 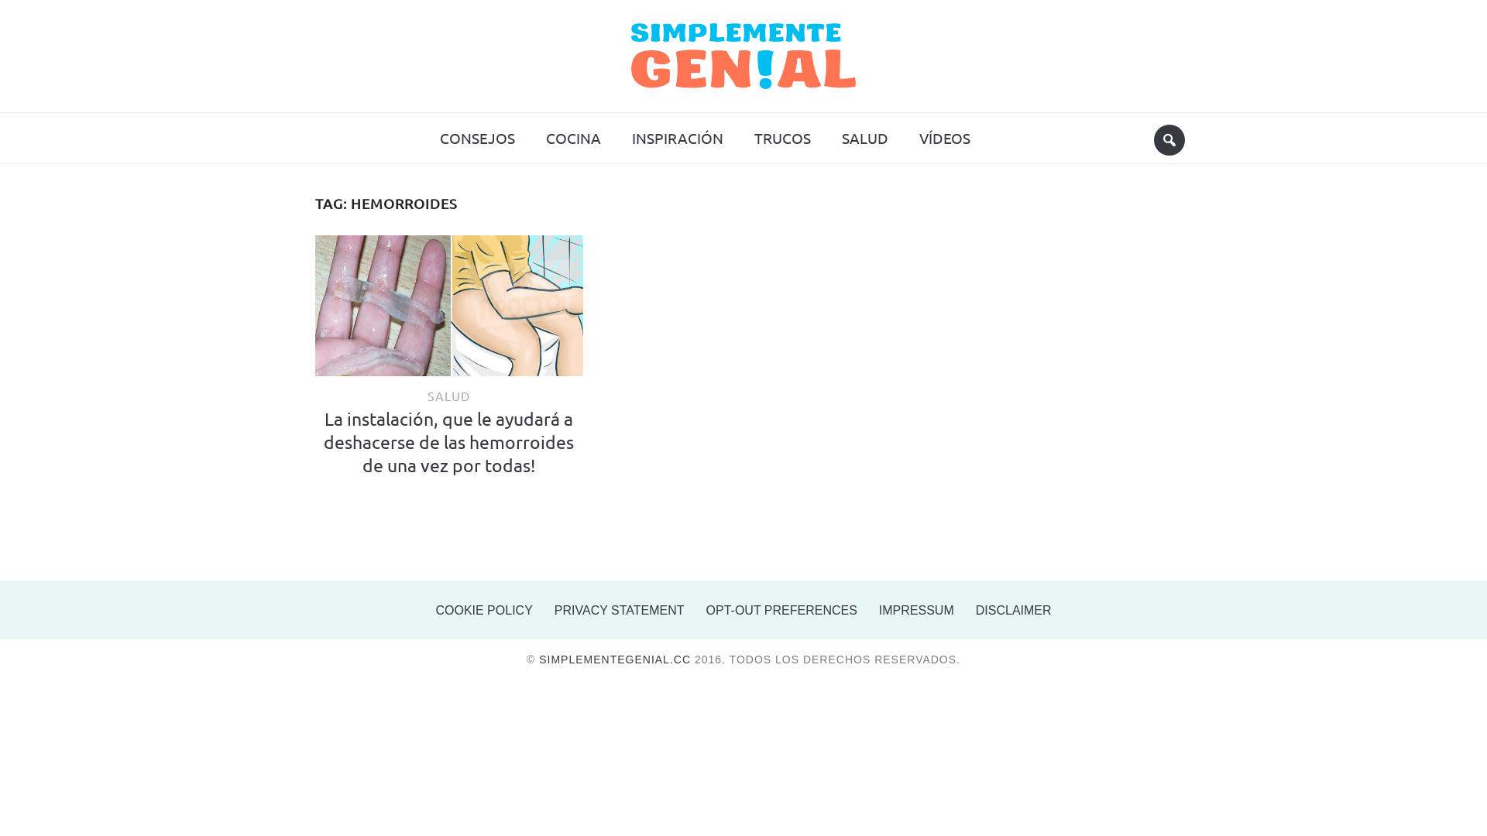 What do you see at coordinates (781, 609) in the screenshot?
I see `'OPT-OUT PREFERENCES'` at bounding box center [781, 609].